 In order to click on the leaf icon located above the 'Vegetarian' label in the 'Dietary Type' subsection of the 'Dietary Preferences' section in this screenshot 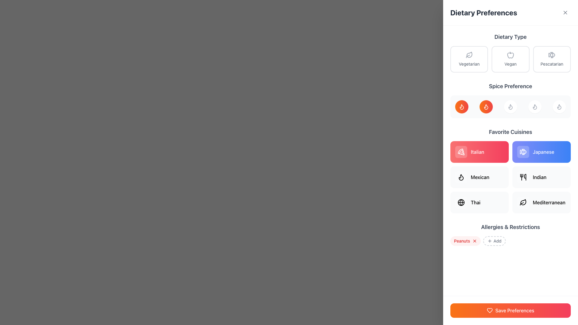, I will do `click(469, 55)`.